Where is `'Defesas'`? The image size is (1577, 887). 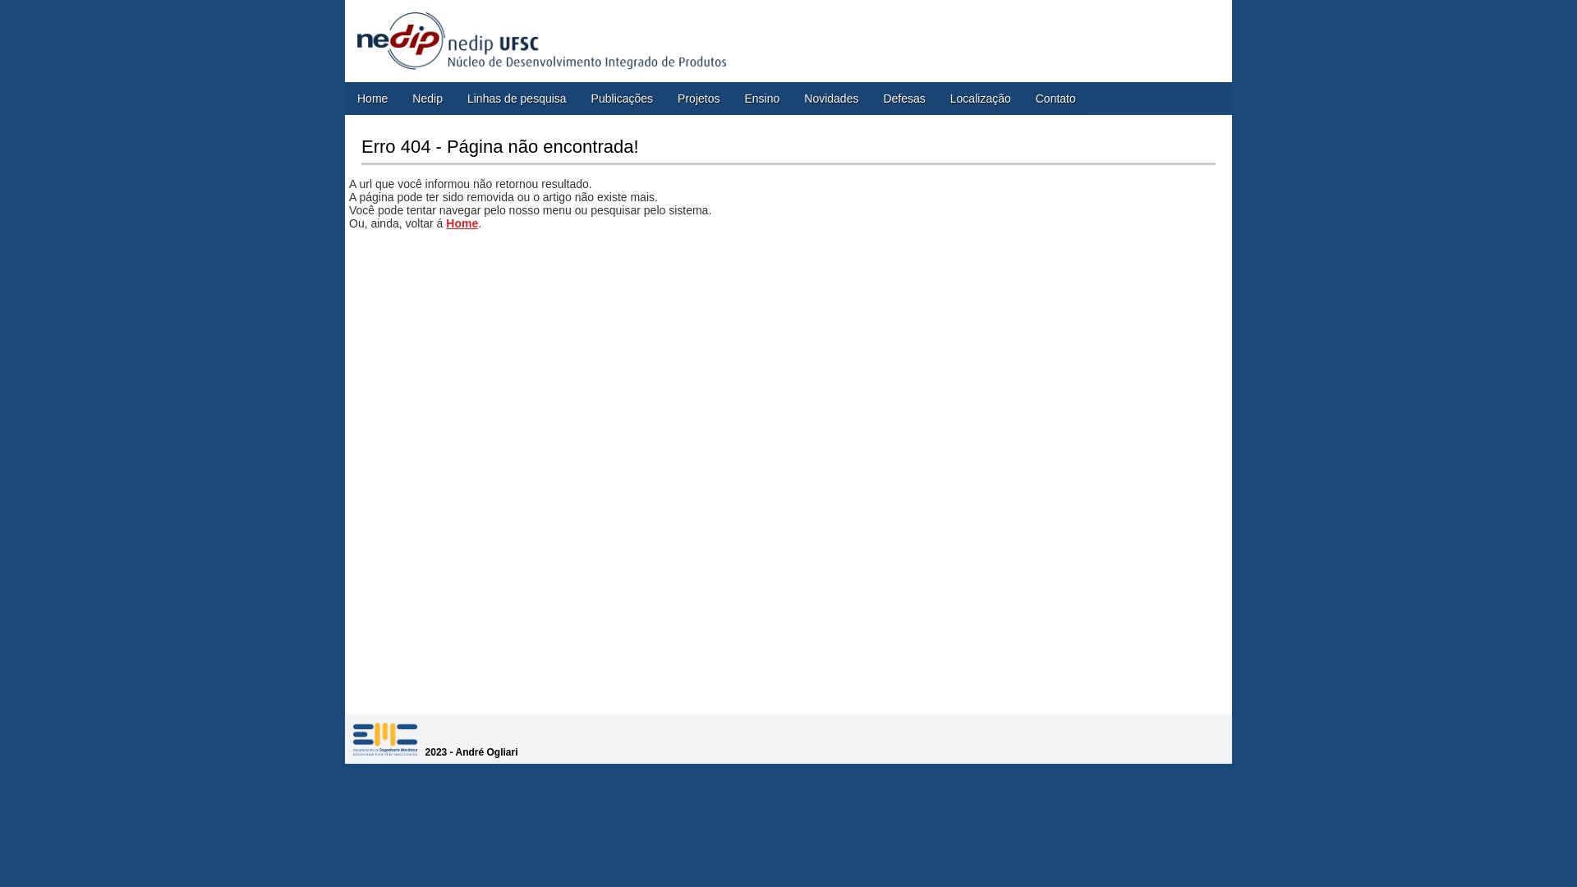 'Defesas' is located at coordinates (870, 98).